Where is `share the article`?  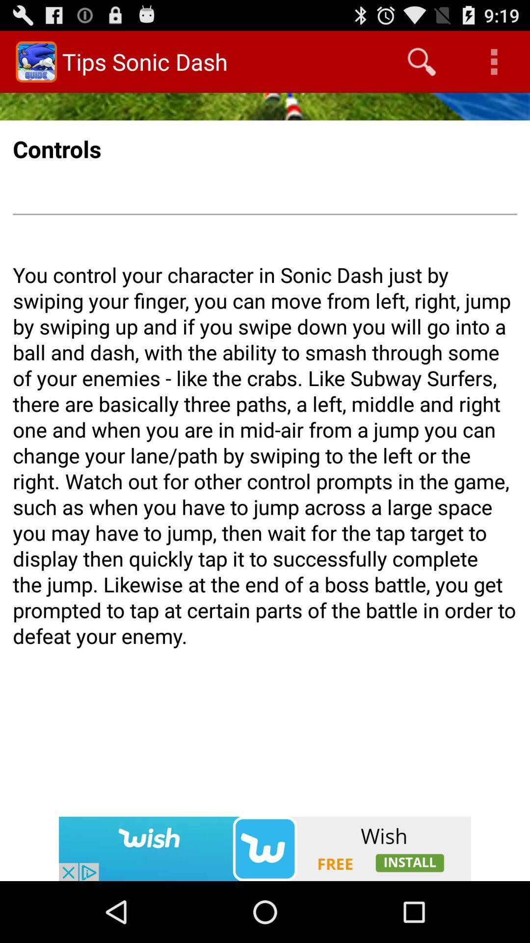 share the article is located at coordinates (265, 848).